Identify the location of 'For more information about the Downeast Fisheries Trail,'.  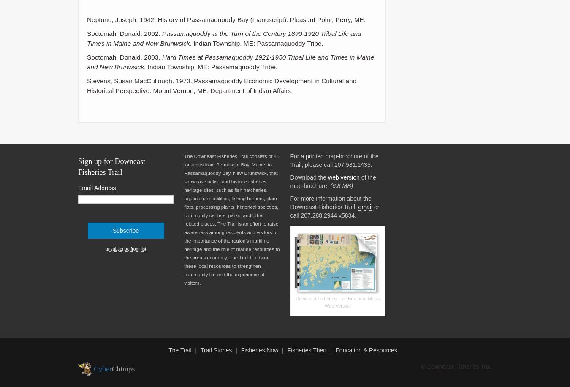
(330, 202).